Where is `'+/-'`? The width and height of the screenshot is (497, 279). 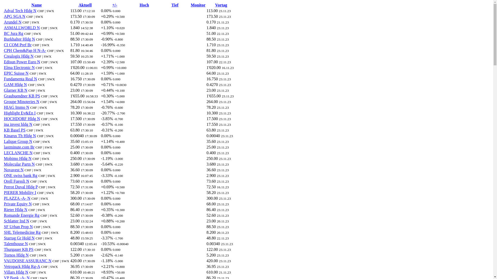
'+/-' is located at coordinates (114, 5).